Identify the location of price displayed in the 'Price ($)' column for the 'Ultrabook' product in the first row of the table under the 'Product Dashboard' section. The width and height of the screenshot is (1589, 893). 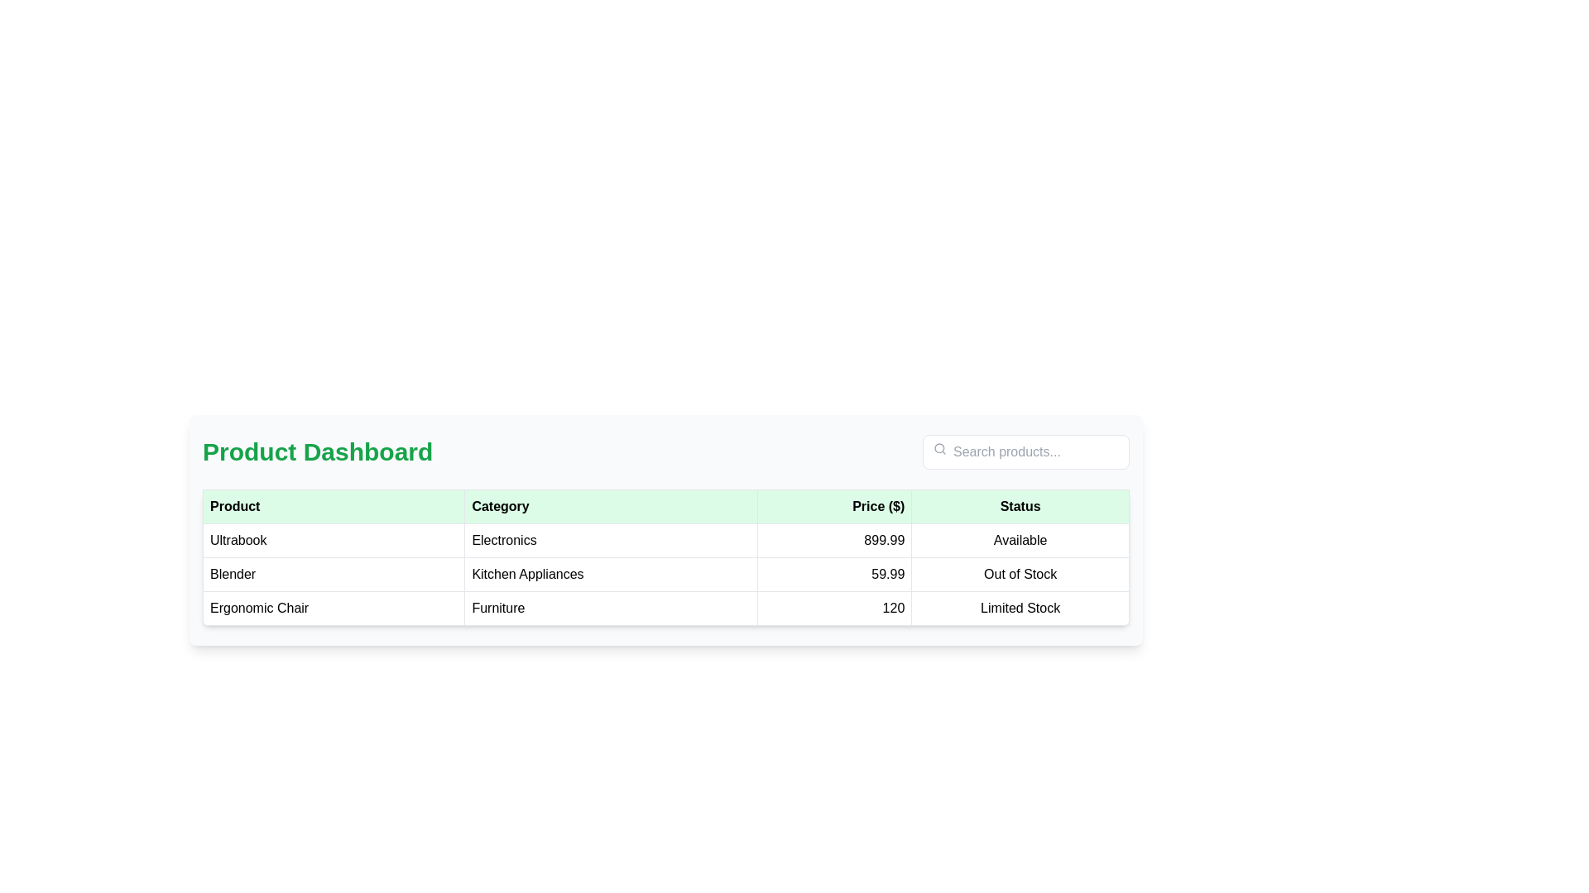
(834, 541).